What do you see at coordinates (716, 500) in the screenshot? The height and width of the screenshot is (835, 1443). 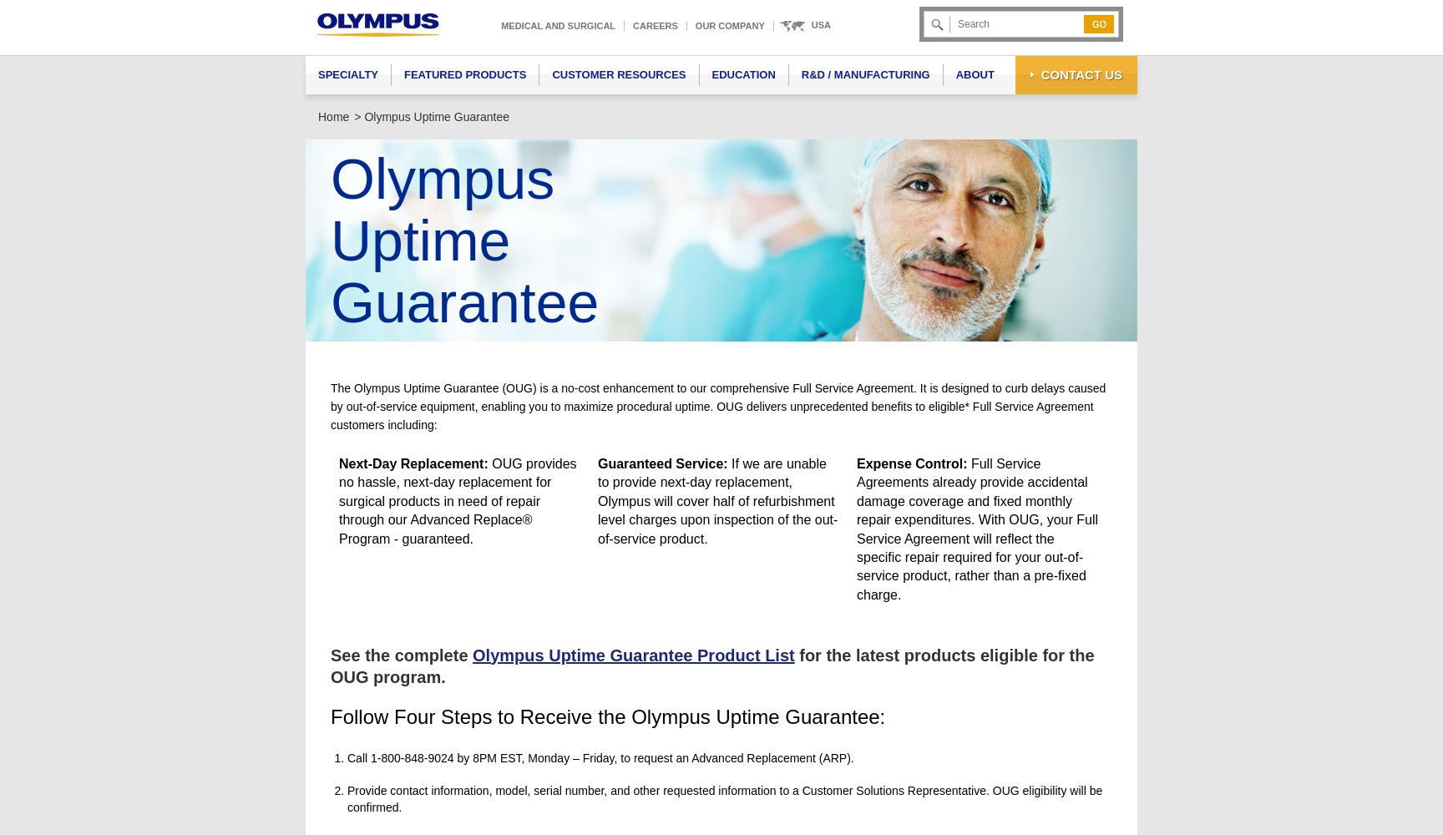 I see `'If we are unable to provide next-day replacement, Olympus will cover half of refurbishment level charges upon inspection of the out-of-service product.'` at bounding box center [716, 500].